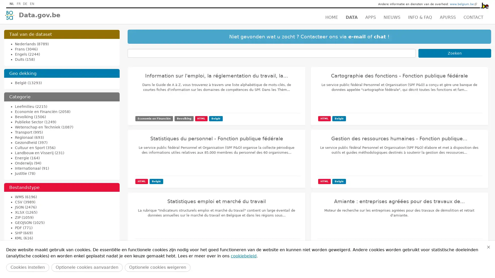 Image resolution: width=495 pixels, height=278 pixels. Describe the element at coordinates (27, 267) in the screenshot. I see `Cookies instellen` at that location.